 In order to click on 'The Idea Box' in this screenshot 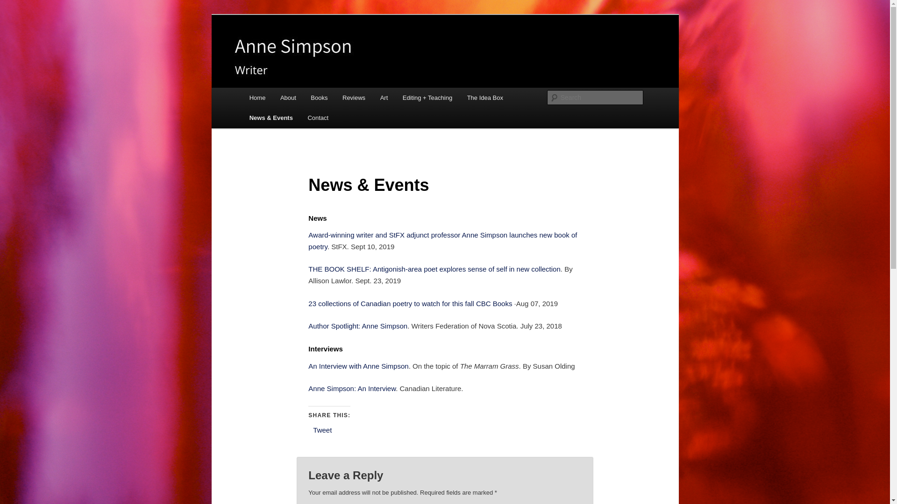, I will do `click(485, 98)`.